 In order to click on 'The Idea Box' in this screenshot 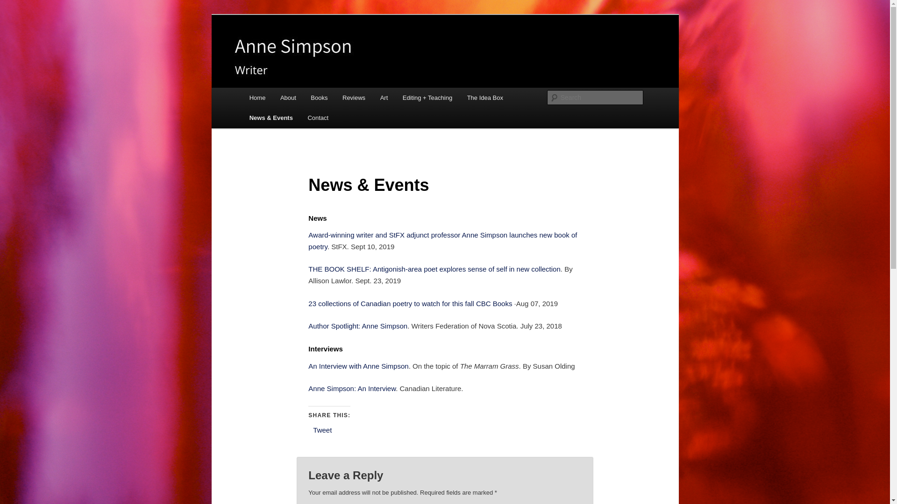, I will do `click(485, 98)`.